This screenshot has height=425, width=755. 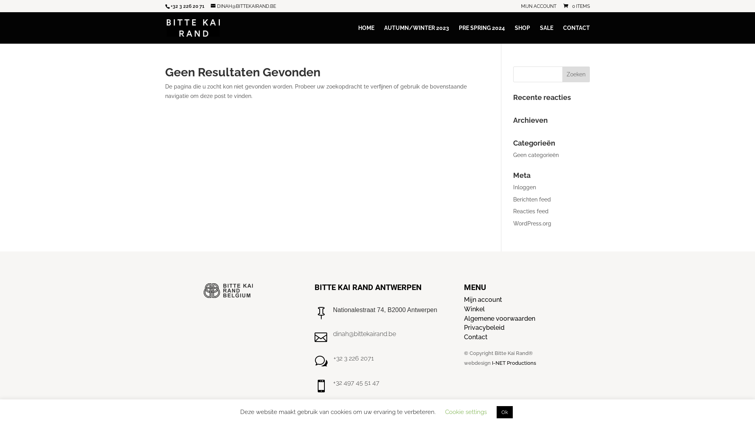 What do you see at coordinates (474, 309) in the screenshot?
I see `'Winkel'` at bounding box center [474, 309].